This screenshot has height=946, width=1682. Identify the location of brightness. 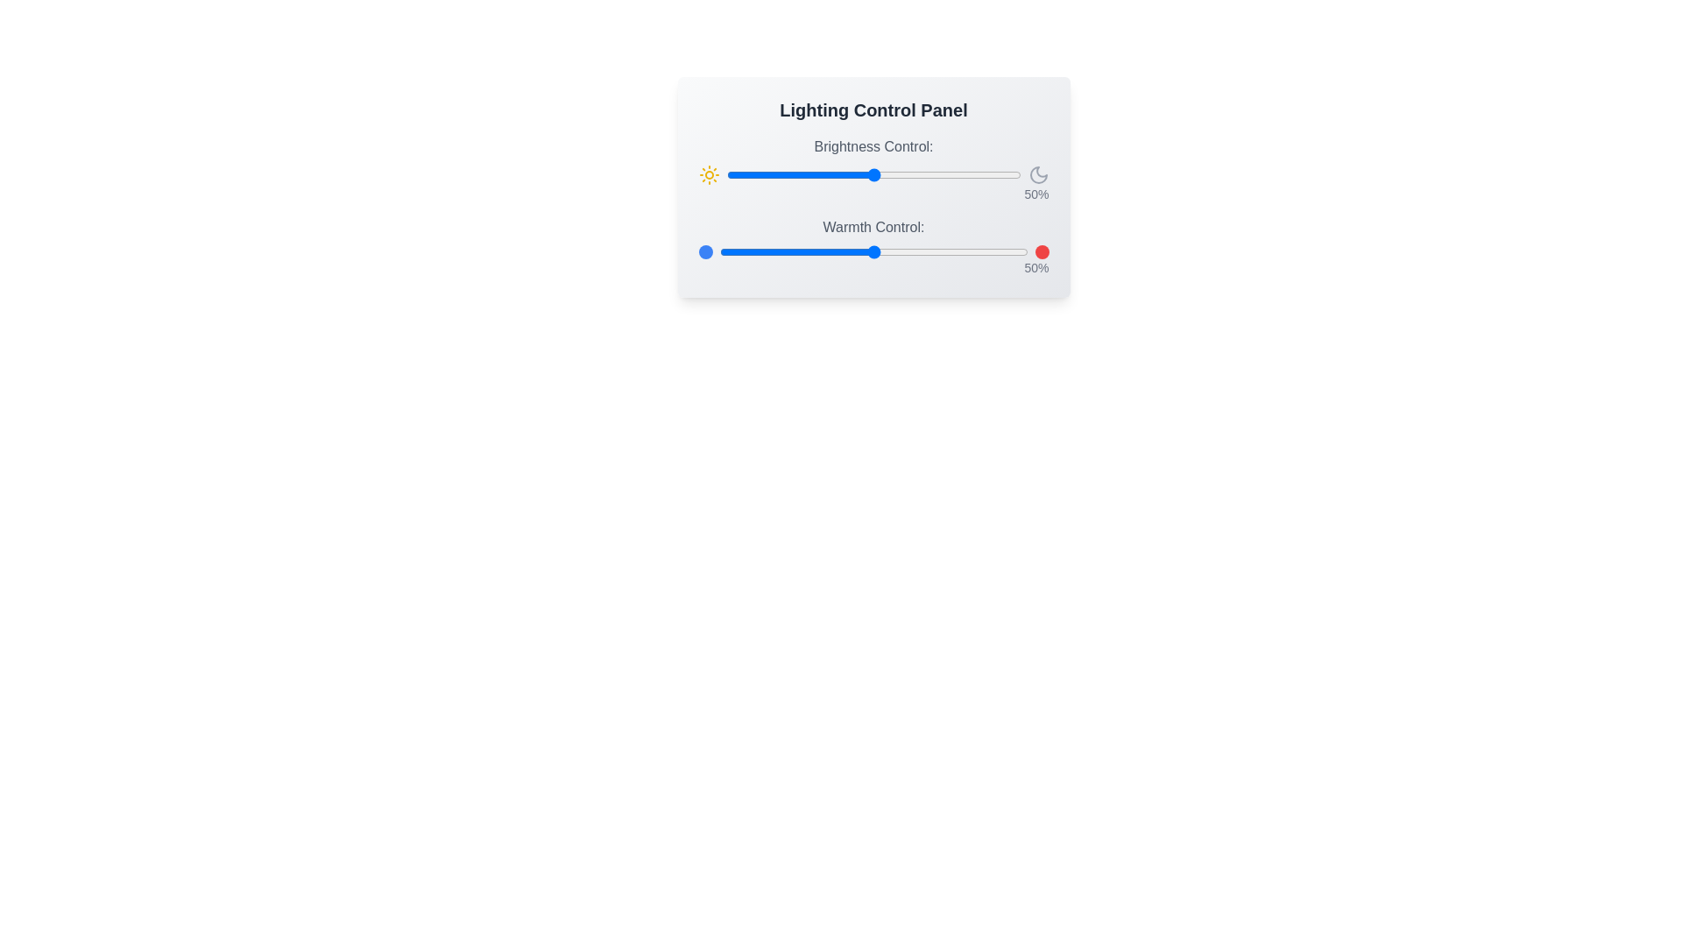
(908, 175).